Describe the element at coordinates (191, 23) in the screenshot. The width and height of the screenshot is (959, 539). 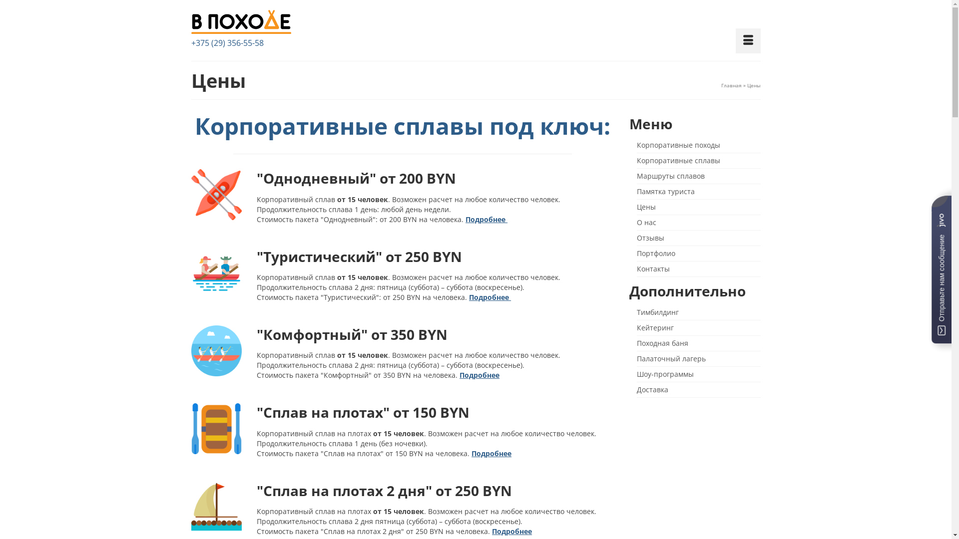
I see `'Vpohode.by'` at that location.